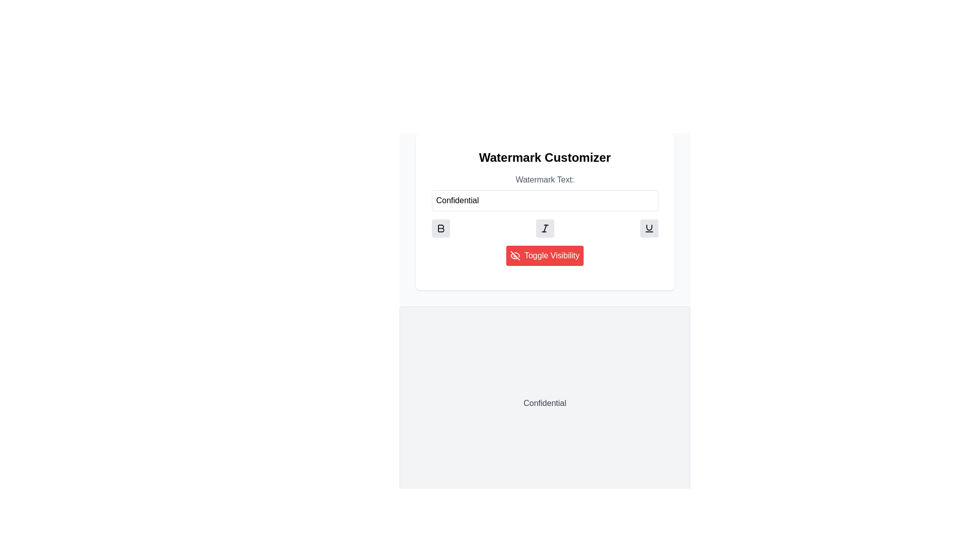 This screenshot has height=546, width=971. I want to click on the middle button that applies italic style to the text entered in the 'Watermark Text' input field, so click(544, 228).